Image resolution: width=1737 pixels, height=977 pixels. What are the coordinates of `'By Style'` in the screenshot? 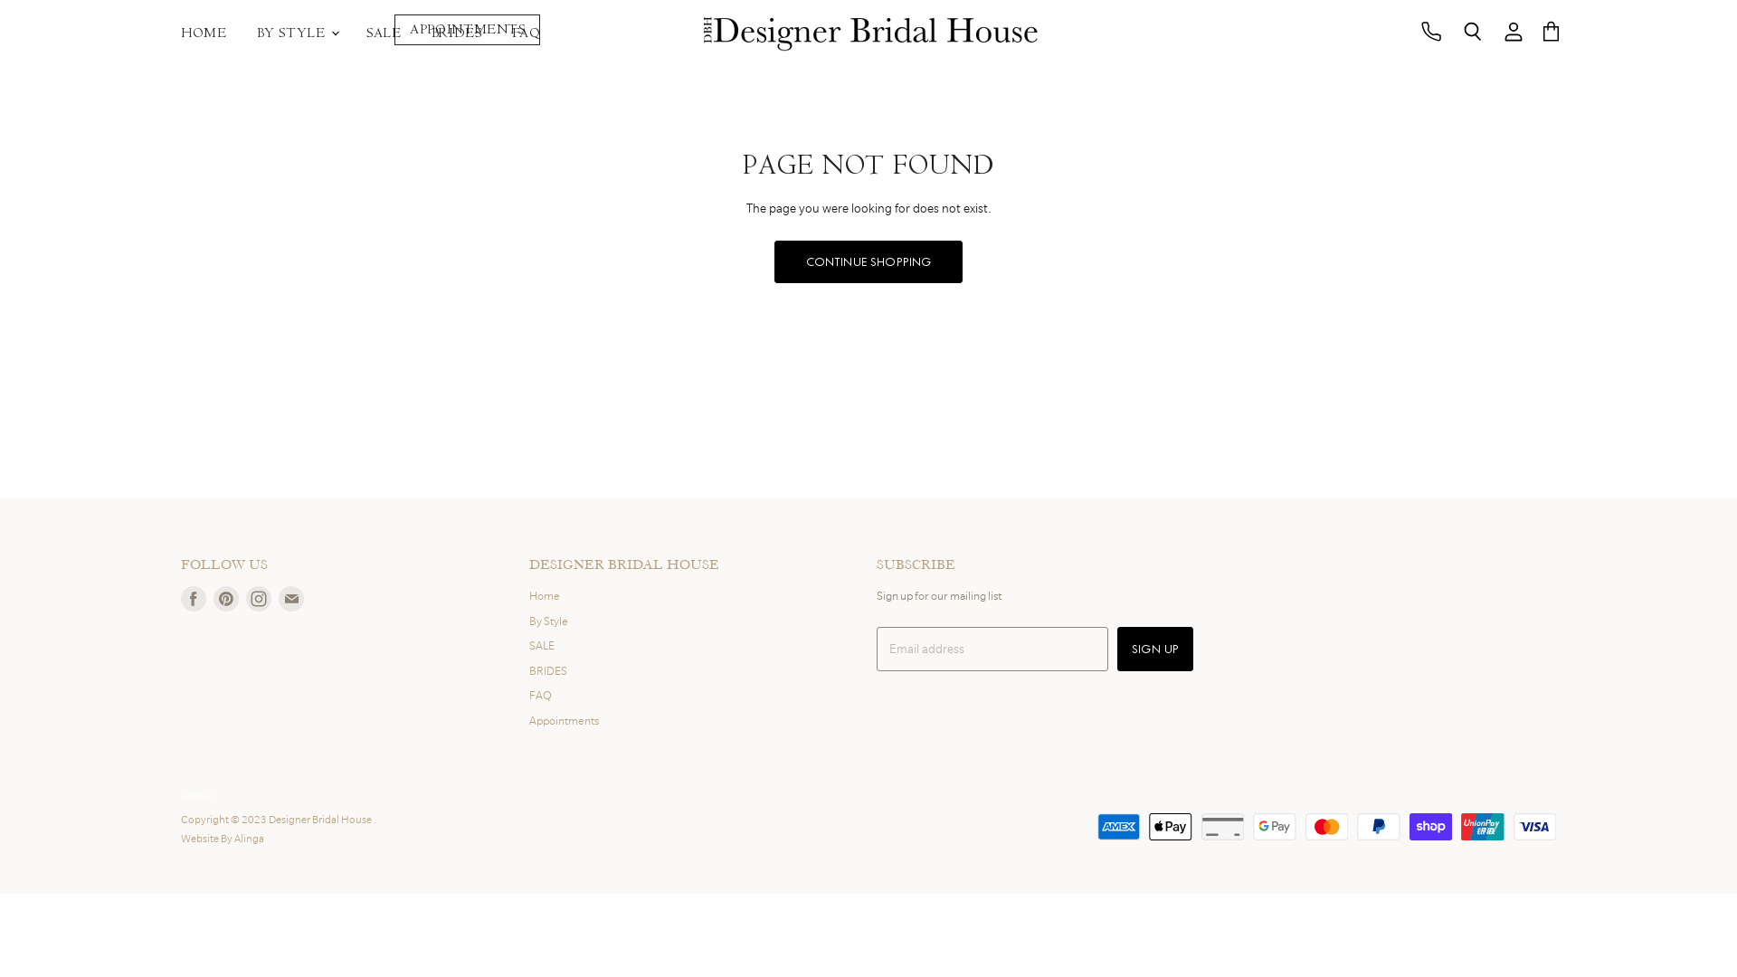 It's located at (528, 620).